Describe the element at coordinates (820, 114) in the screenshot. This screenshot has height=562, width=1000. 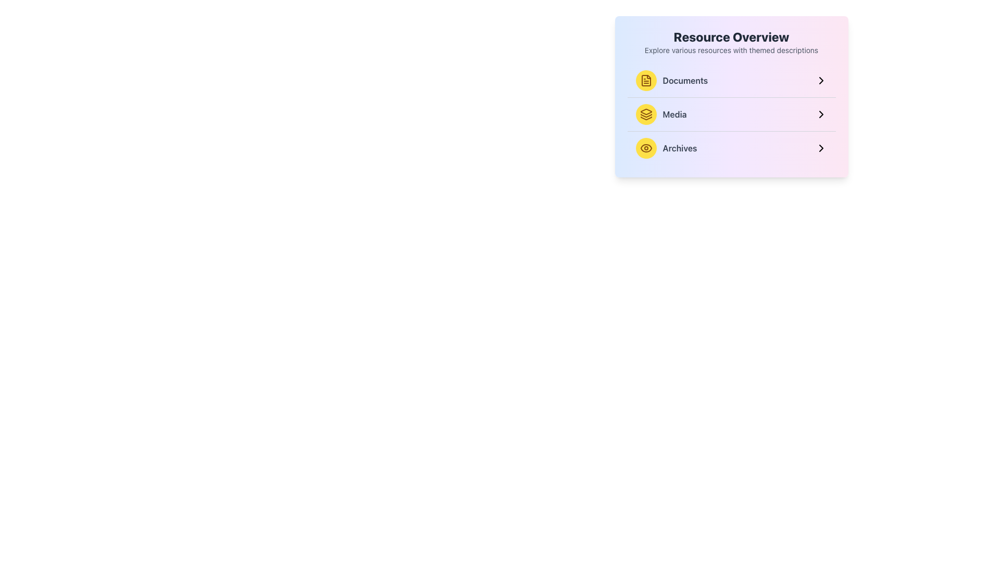
I see `the navigation chevron icon located in the second row of the 'Resource Overview' menu, which indicates that the 'Media' section is selectable and expandable` at that location.